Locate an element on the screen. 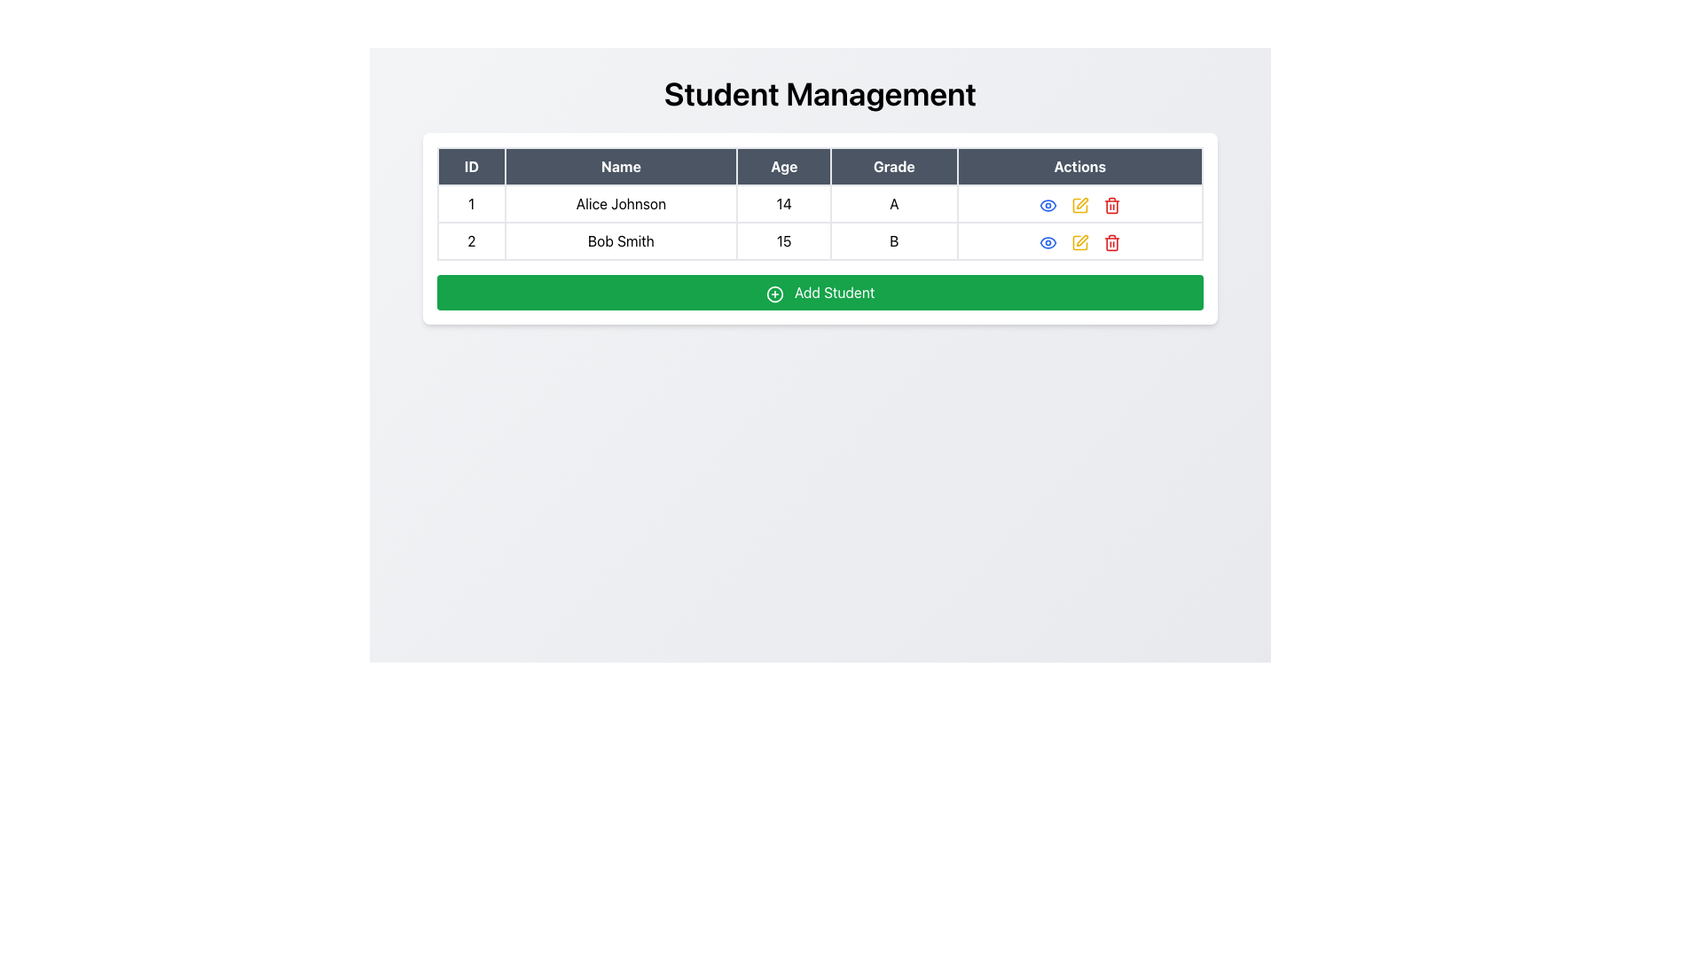 The width and height of the screenshot is (1703, 958). the first SVG icon element in the 'Actions' column for 'Alice Johnson', which resembles a square and has a stroke outline without fill is located at coordinates (1079, 204).